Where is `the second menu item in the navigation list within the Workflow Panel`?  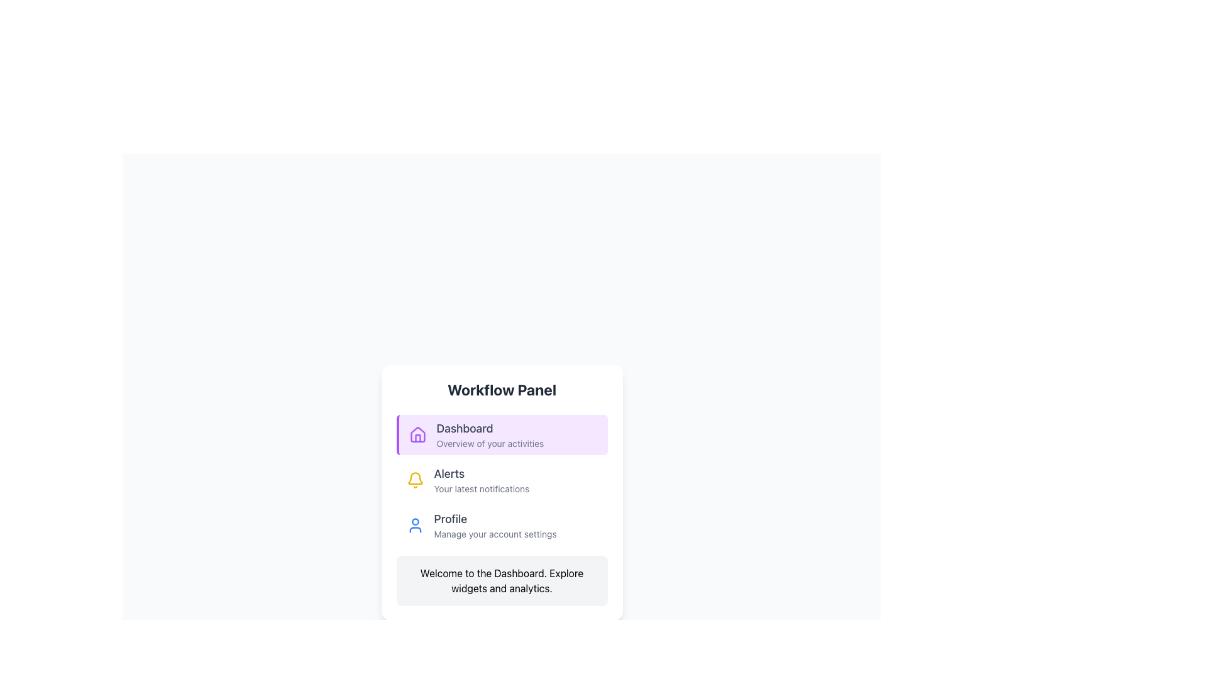
the second menu item in the navigation list within the Workflow Panel is located at coordinates (501, 480).